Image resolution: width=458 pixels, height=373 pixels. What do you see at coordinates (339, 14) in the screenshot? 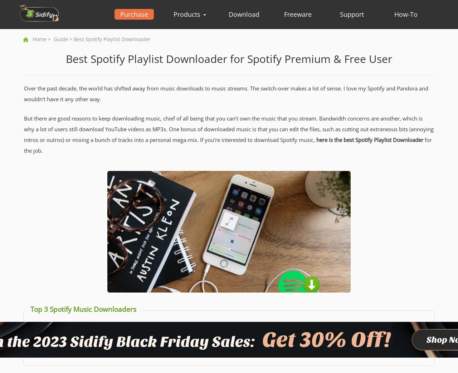
I see `'Support'` at bounding box center [339, 14].